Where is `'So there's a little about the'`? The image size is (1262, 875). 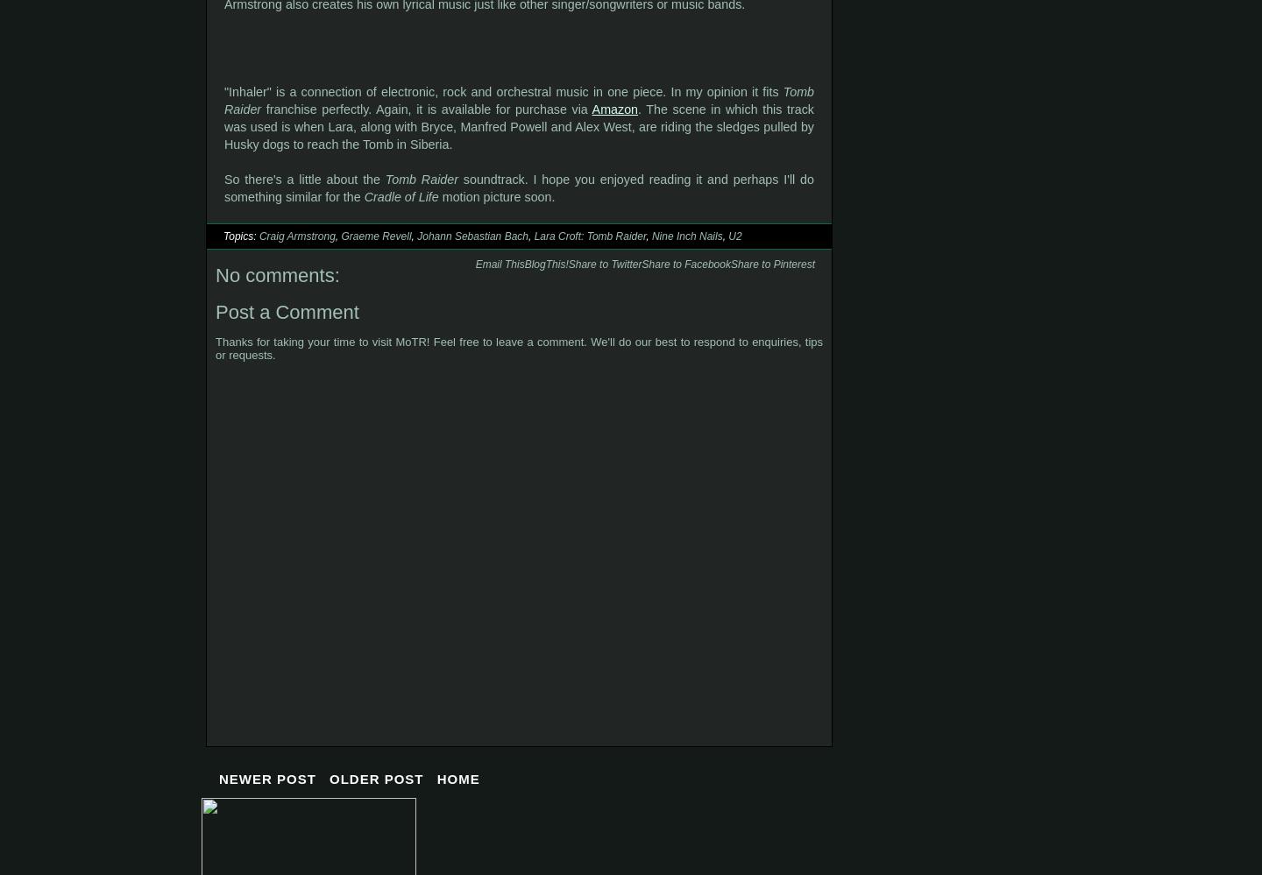
'So there's a little about the' is located at coordinates (304, 178).